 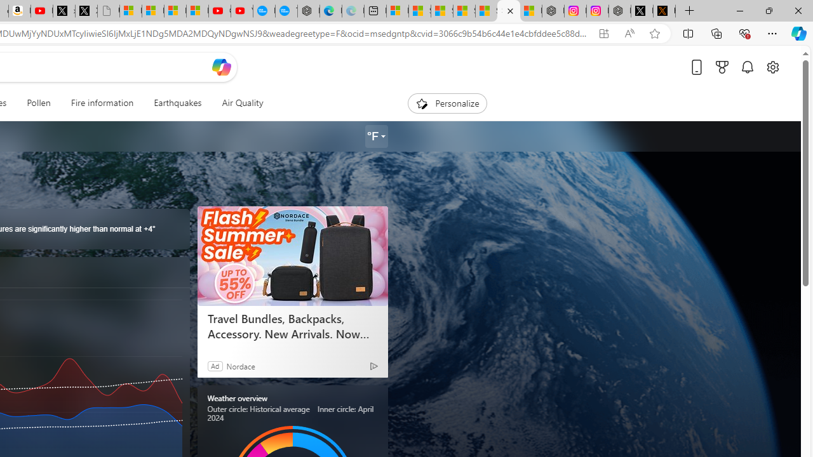 I want to click on 'Gloom - YouTube', so click(x=220, y=11).